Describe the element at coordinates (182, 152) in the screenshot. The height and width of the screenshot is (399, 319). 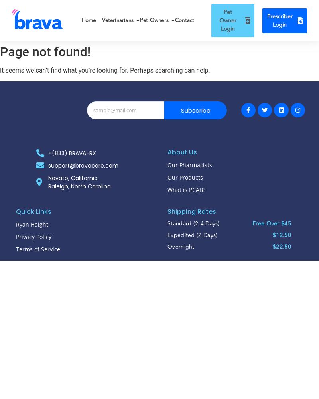
I see `'About Us'` at that location.